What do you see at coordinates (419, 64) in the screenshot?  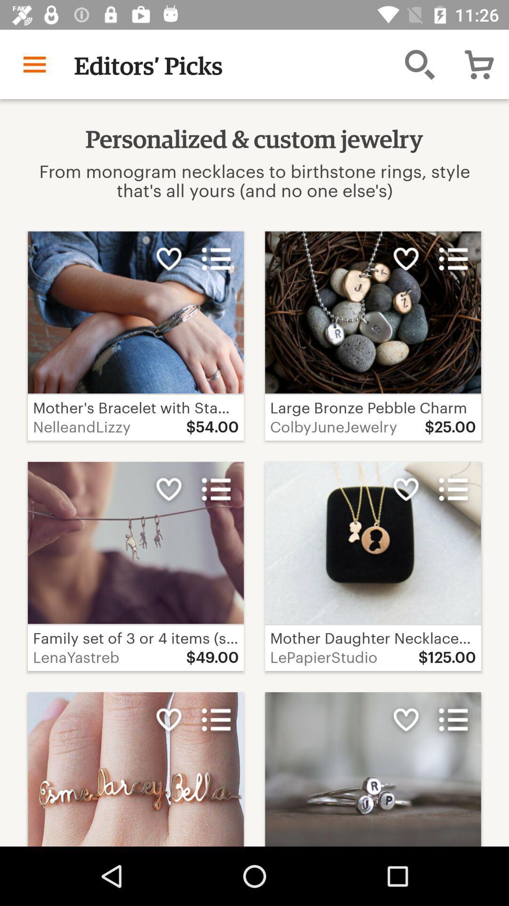 I see `the icon above the personalized & custom jewelry item` at bounding box center [419, 64].